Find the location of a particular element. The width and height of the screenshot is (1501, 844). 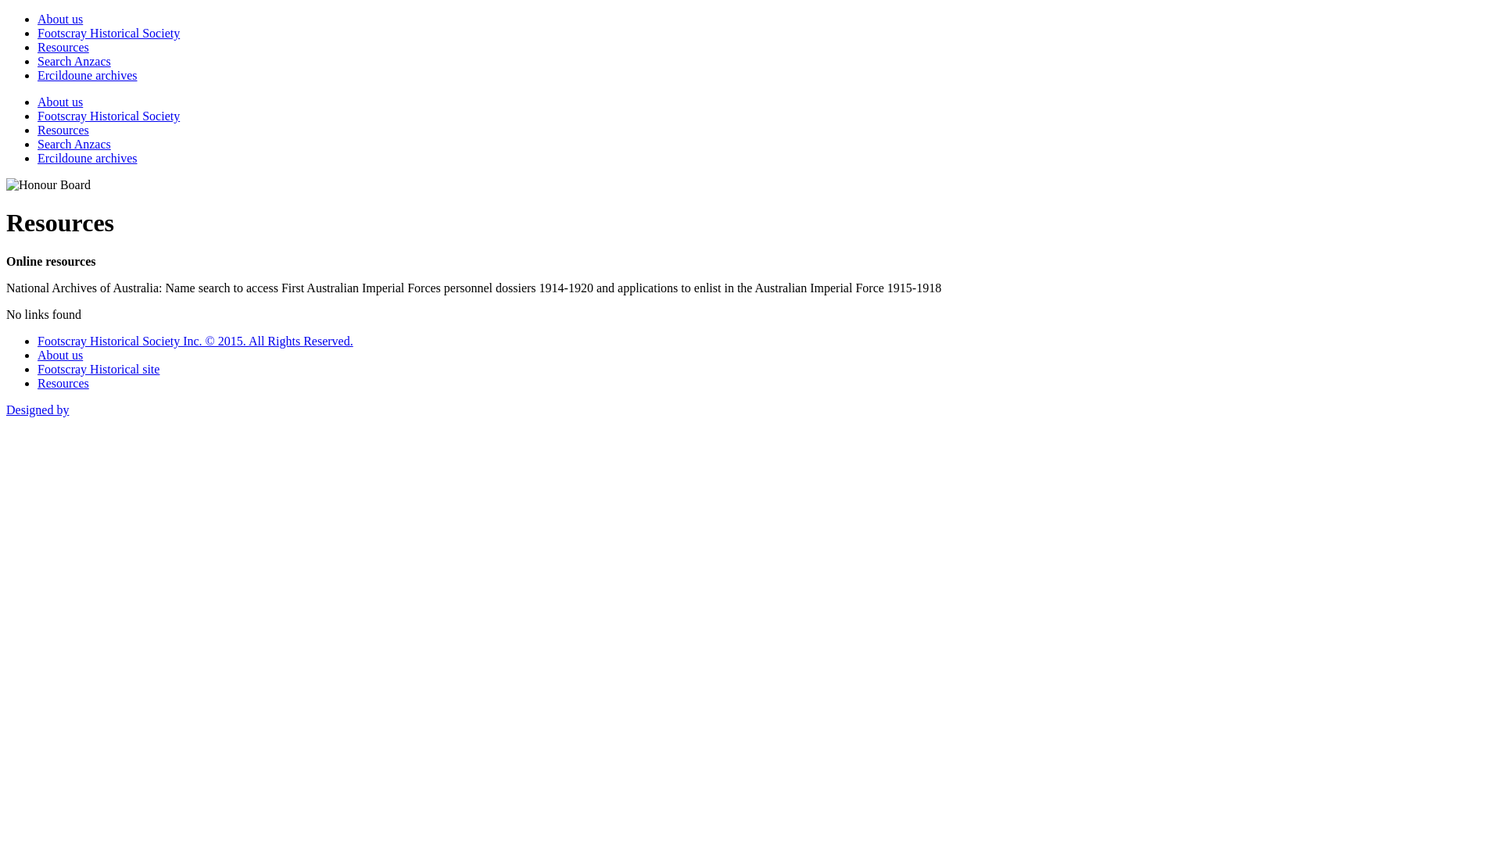

'Search Anzacs' is located at coordinates (73, 144).